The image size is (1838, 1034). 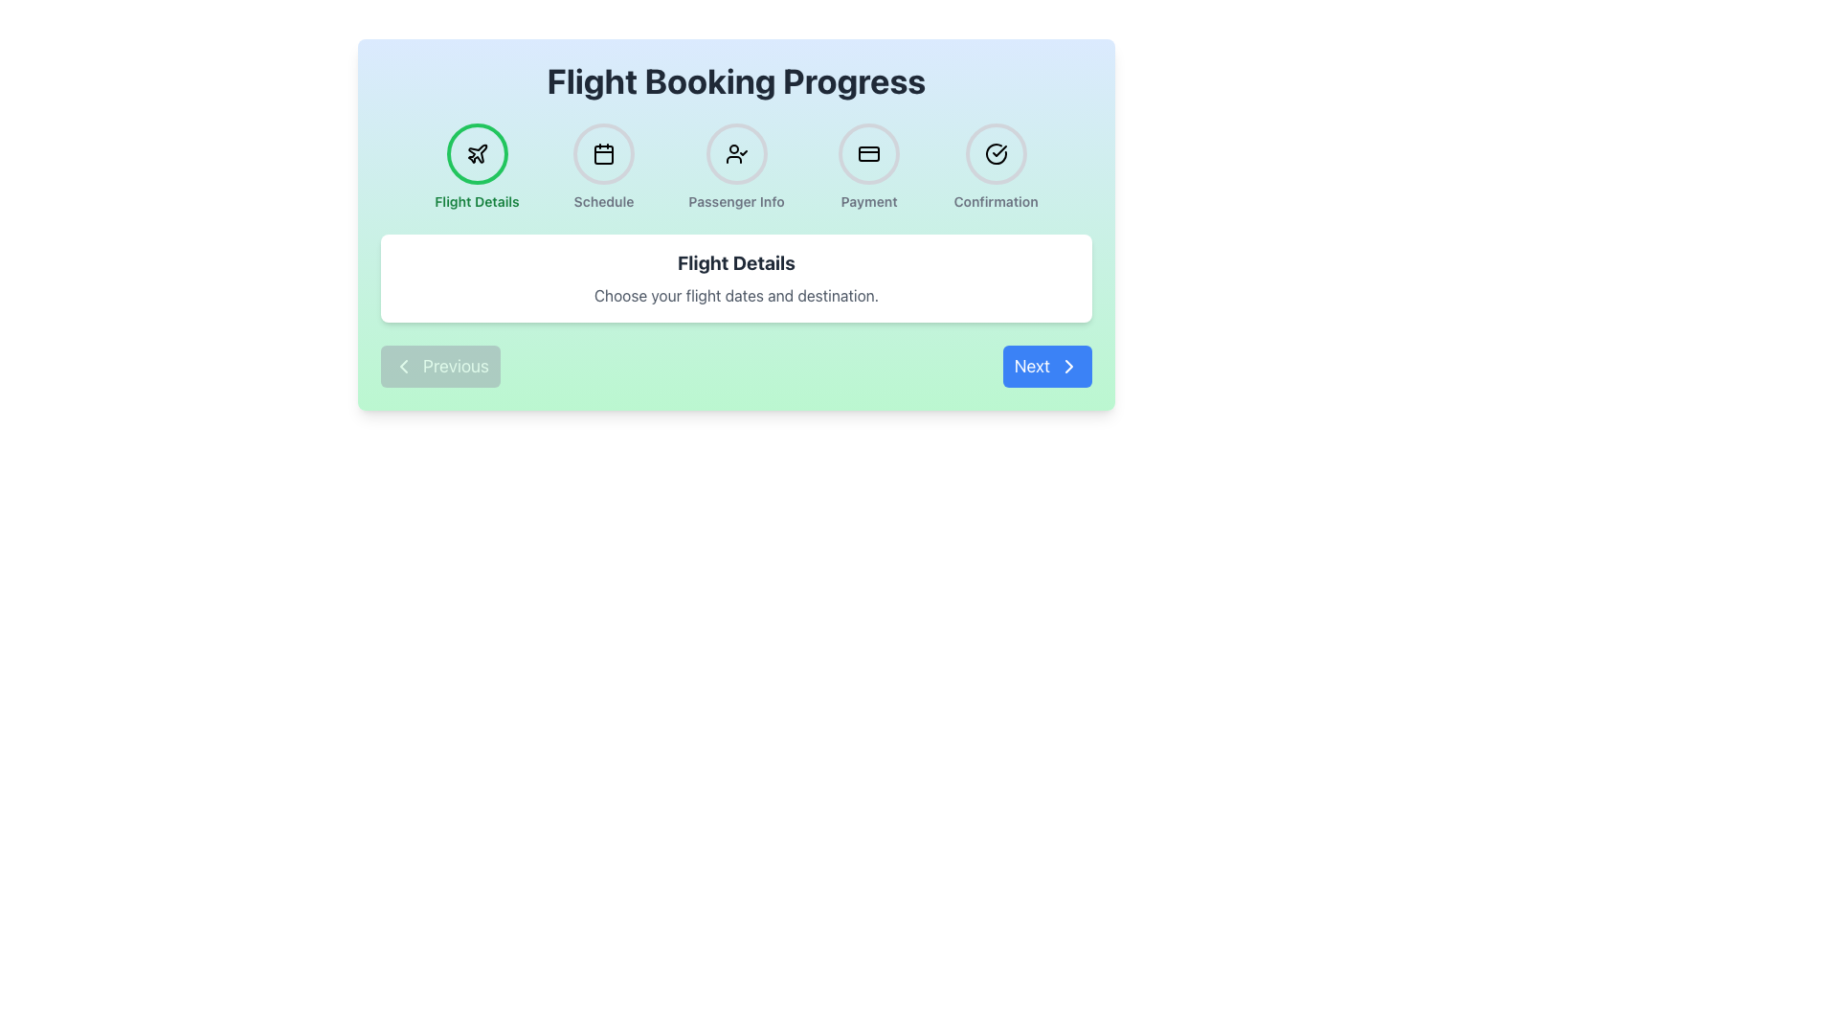 I want to click on the heading text label that indicates the current section of the flight booking process, positioned centrally above the subtitle 'Choose your flight dates and destination.', so click(x=735, y=262).